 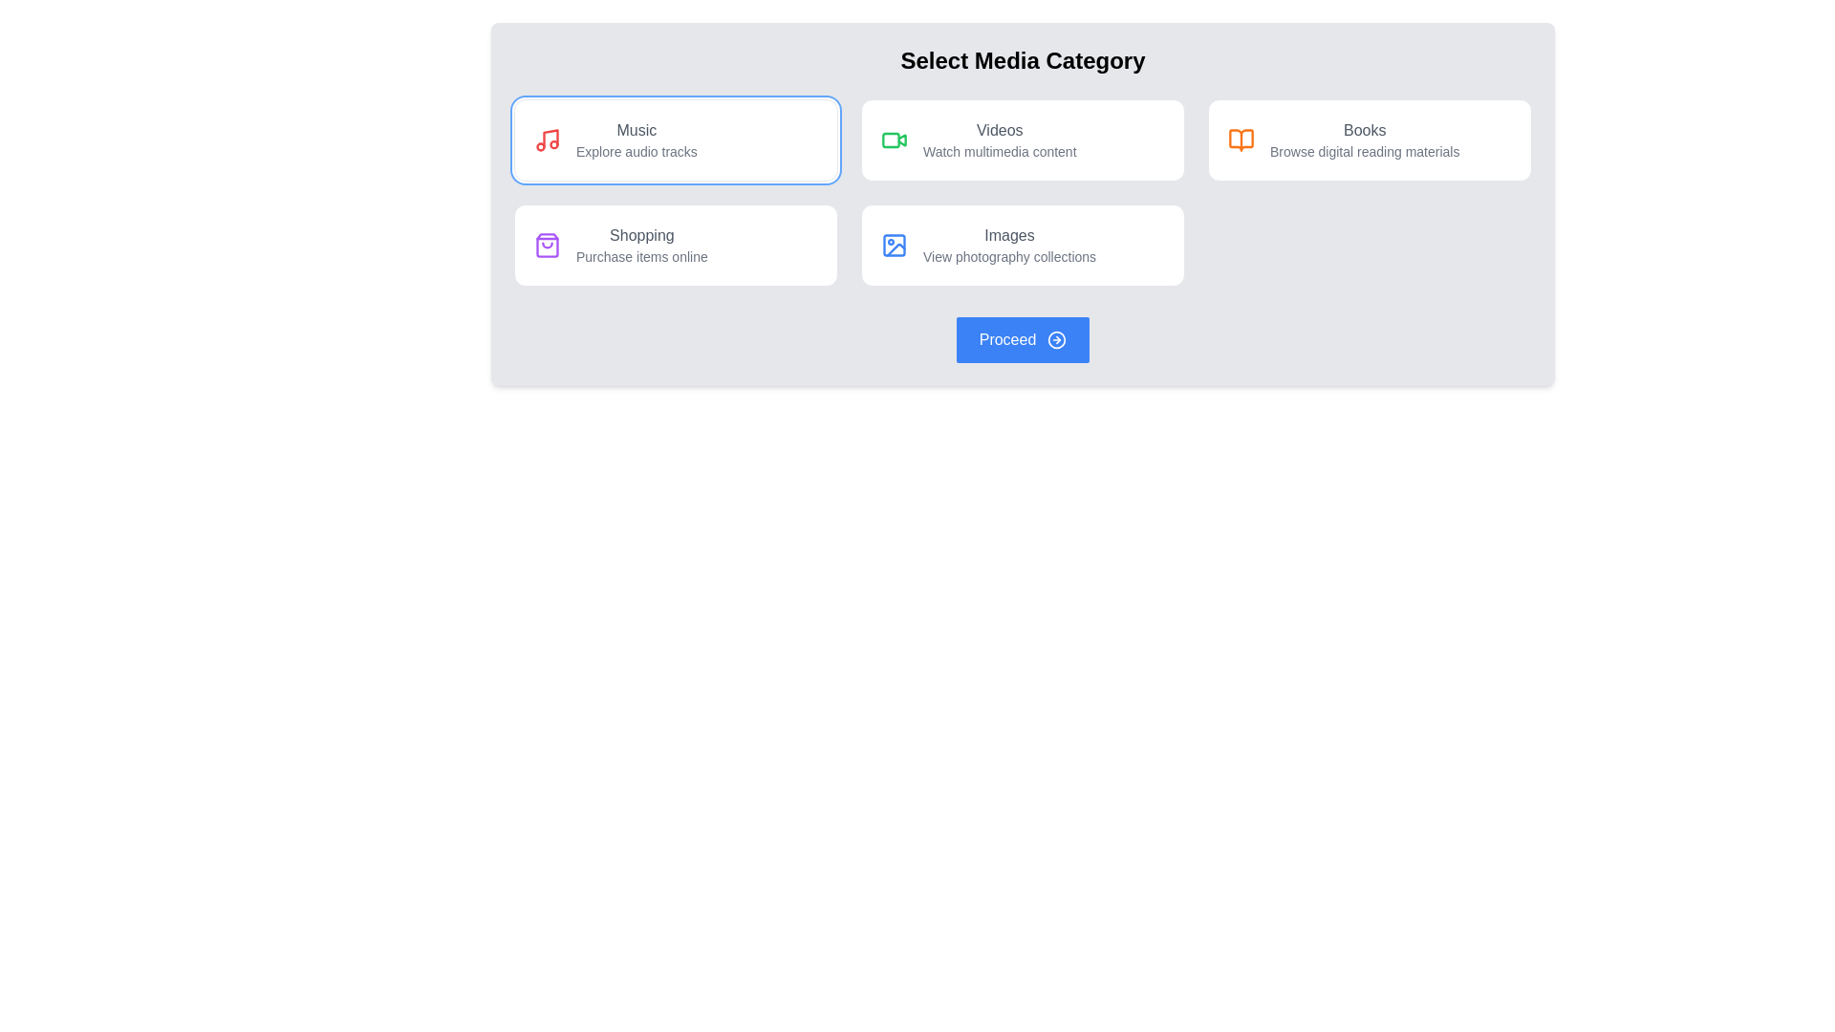 I want to click on the 'Books' text label, which is the third item in the top-right quadrant of the UI, featuring bold text for the title and lighter text for the description, so click(x=1364, y=139).